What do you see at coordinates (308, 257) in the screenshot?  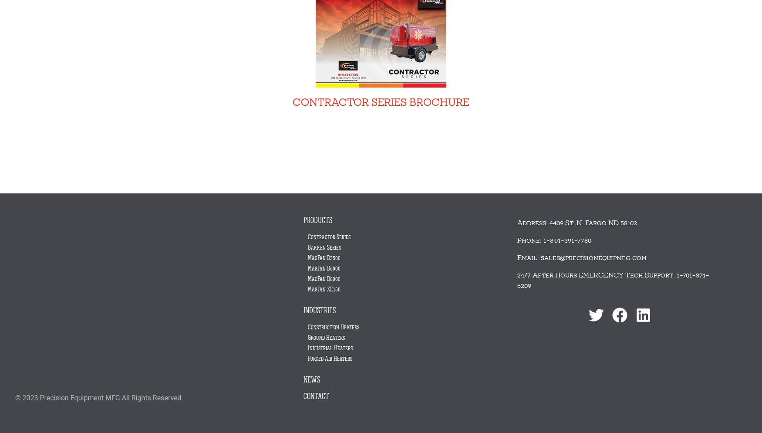 I see `'MagFan D3500'` at bounding box center [308, 257].